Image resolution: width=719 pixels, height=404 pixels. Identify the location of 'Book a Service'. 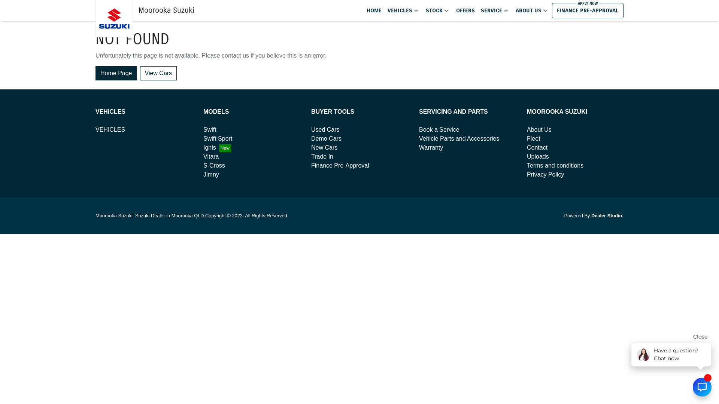
(418, 129).